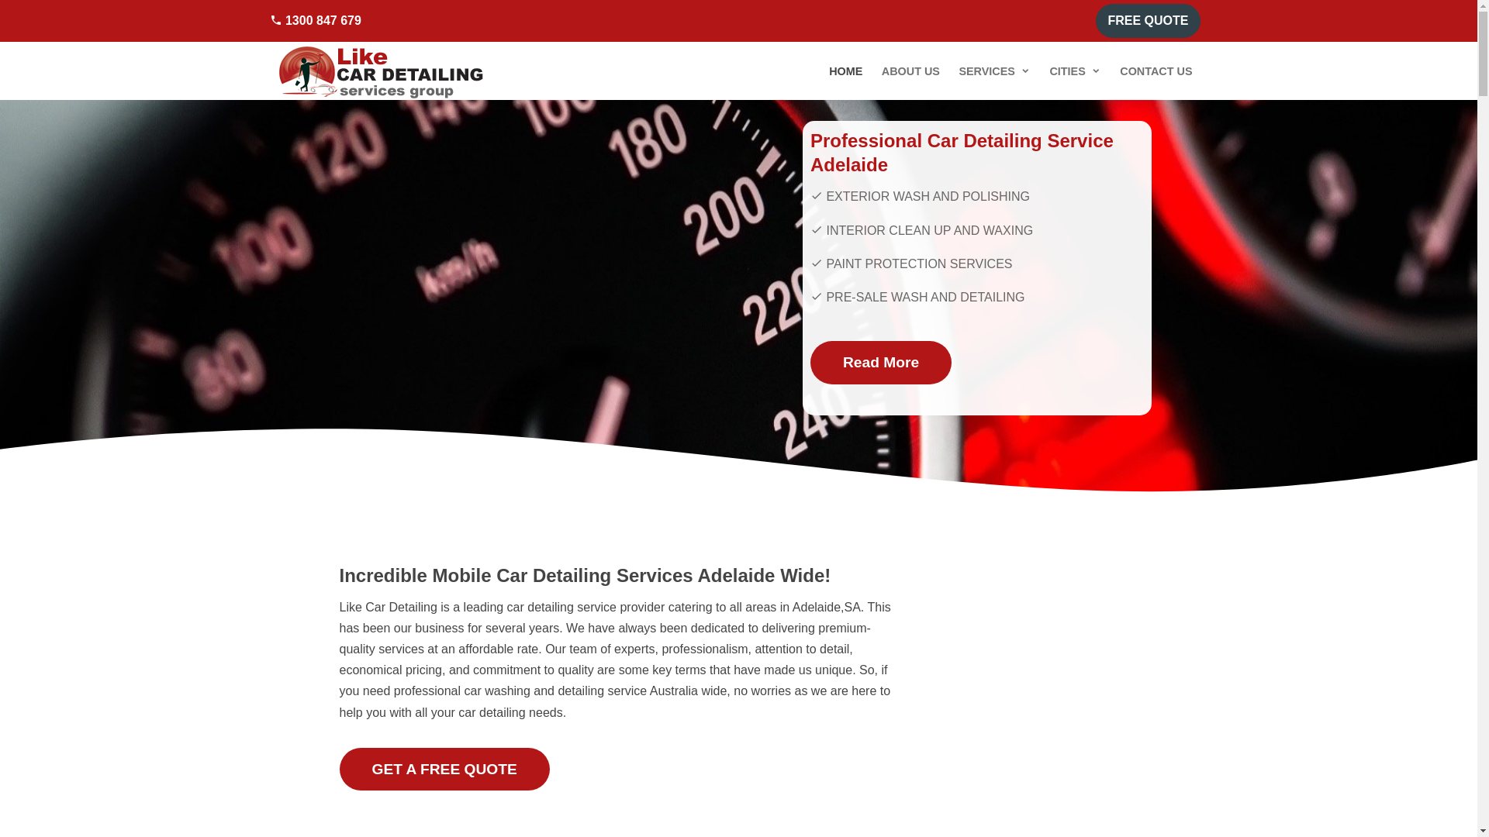 This screenshot has width=1489, height=837. Describe the element at coordinates (910, 71) in the screenshot. I see `'ABOUT US'` at that location.